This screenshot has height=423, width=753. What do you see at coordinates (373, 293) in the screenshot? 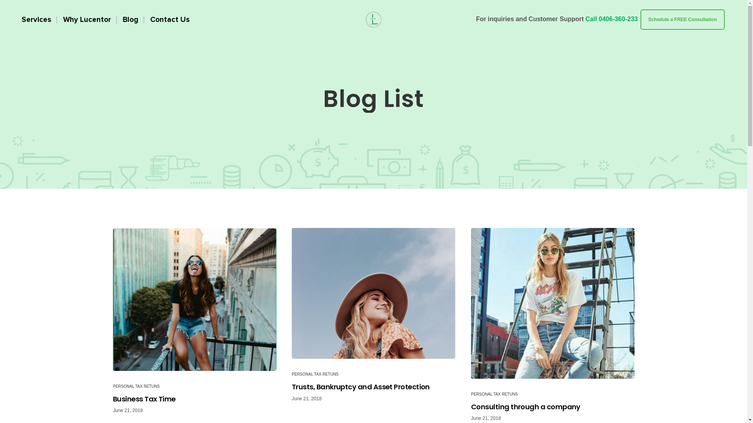
I see `'Trusts, Bankruptcy and Asset Protection'` at bounding box center [373, 293].